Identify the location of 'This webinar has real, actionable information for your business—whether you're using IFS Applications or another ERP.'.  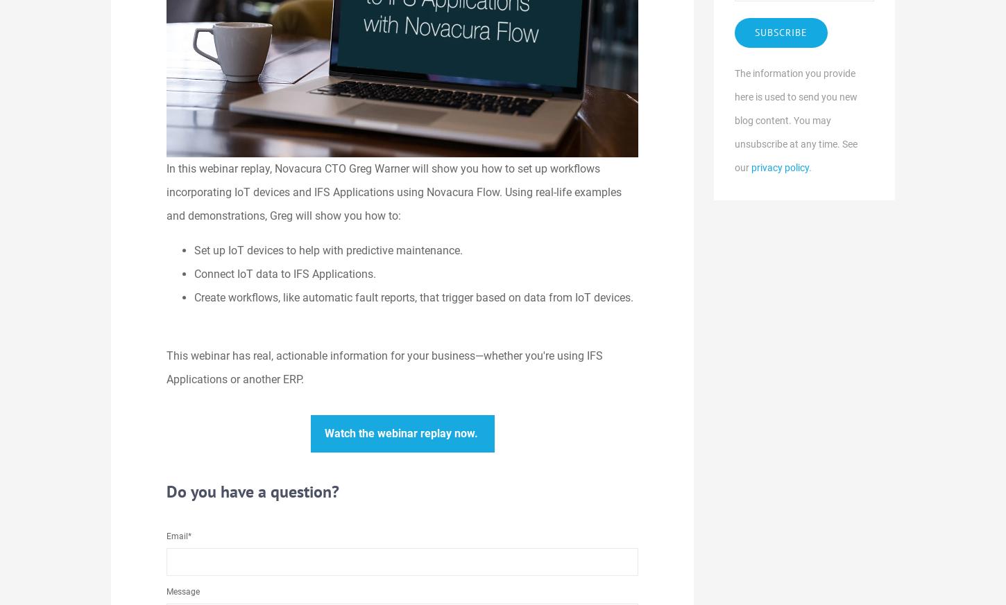
(384, 366).